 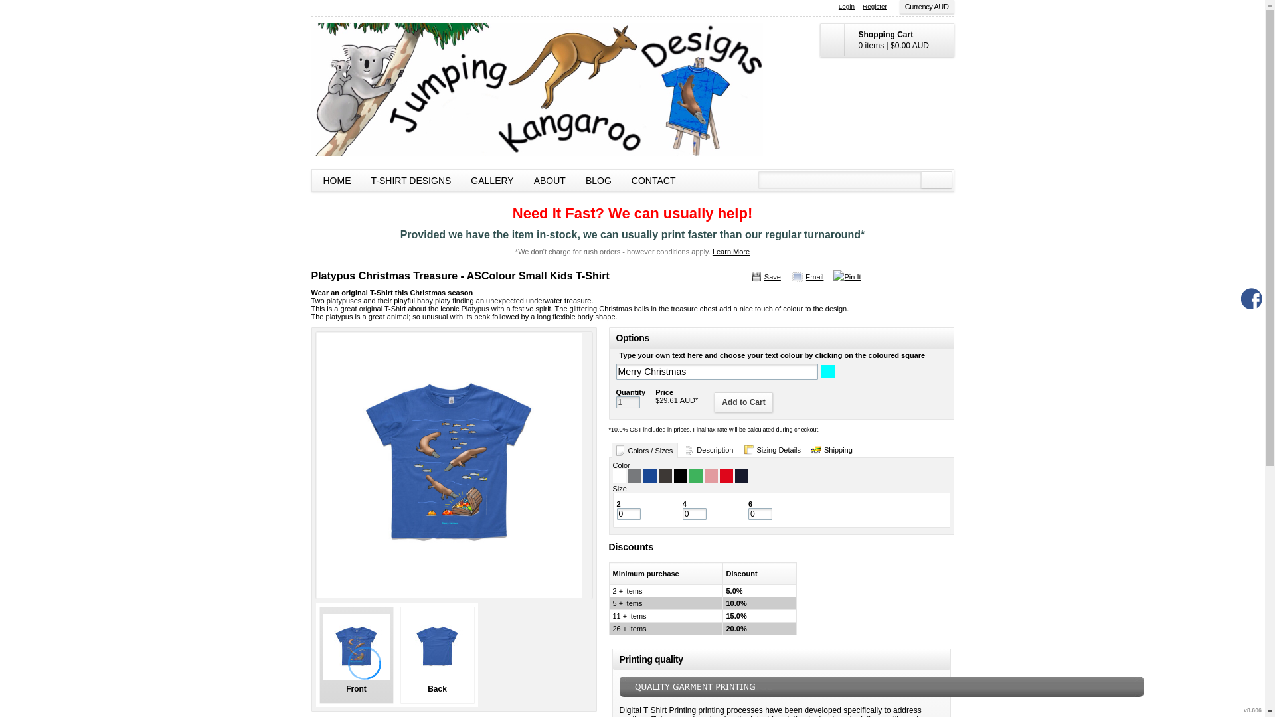 What do you see at coordinates (665, 475) in the screenshot?
I see `'Charcoal'` at bounding box center [665, 475].